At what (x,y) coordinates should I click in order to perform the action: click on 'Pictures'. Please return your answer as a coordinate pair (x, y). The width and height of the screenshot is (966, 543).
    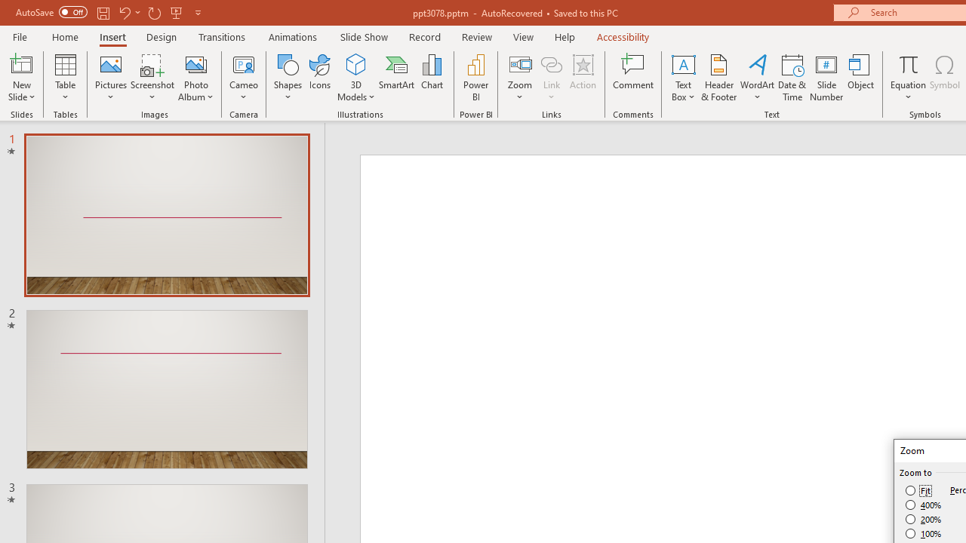
    Looking at the image, I should click on (110, 78).